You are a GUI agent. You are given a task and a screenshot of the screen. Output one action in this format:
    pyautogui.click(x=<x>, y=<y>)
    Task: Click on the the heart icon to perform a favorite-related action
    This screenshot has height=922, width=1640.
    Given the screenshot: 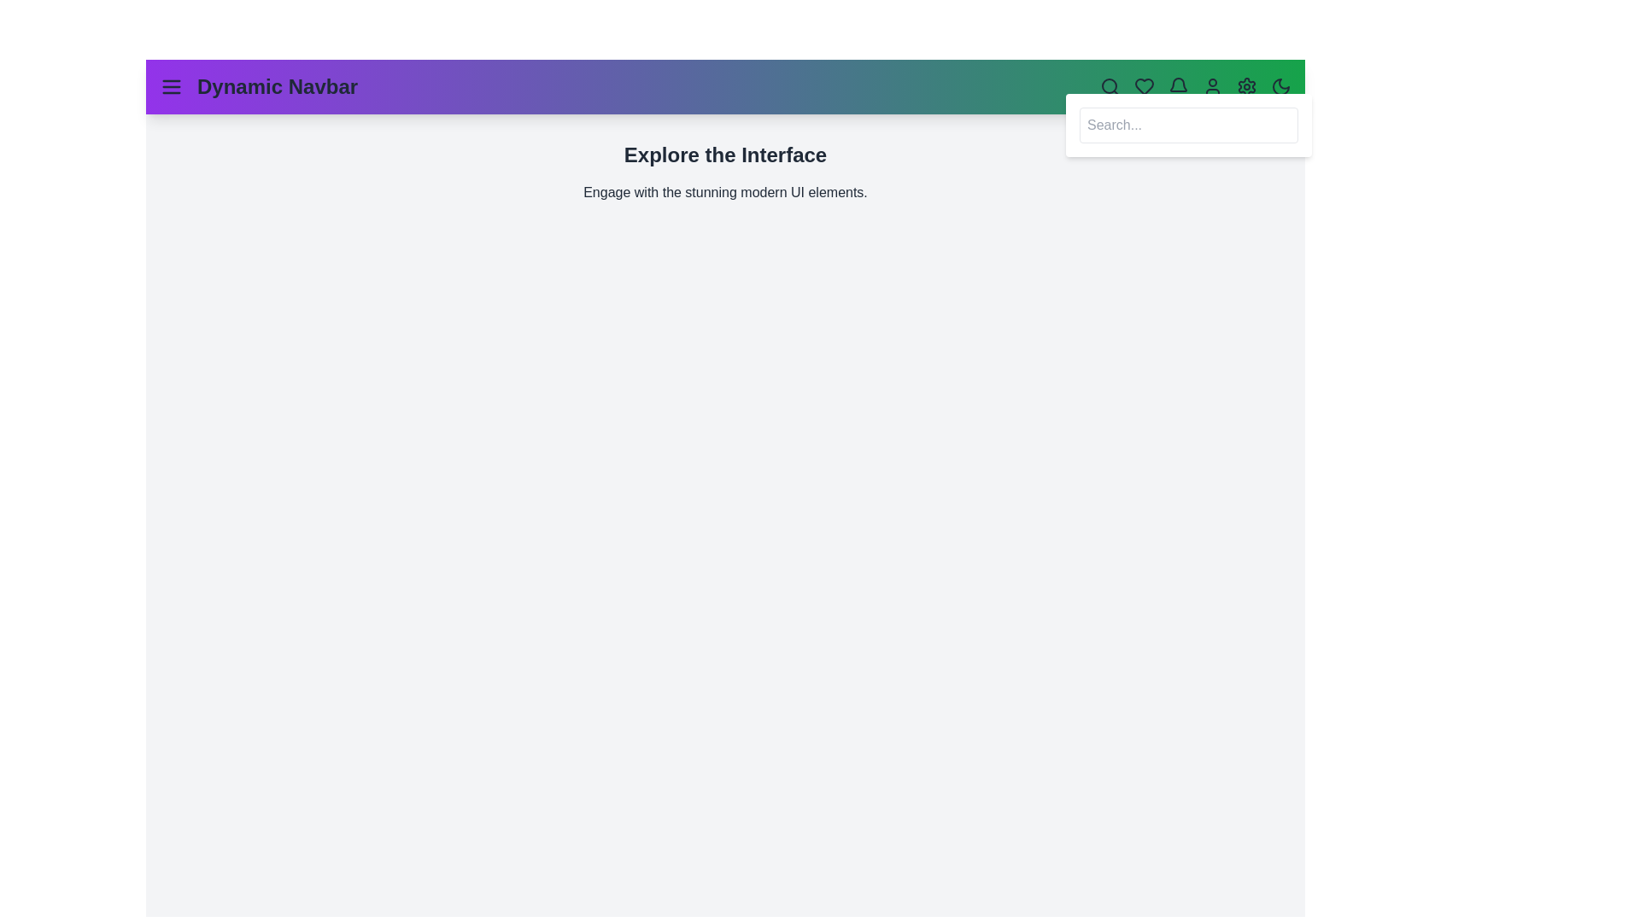 What is the action you would take?
    pyautogui.click(x=1144, y=86)
    